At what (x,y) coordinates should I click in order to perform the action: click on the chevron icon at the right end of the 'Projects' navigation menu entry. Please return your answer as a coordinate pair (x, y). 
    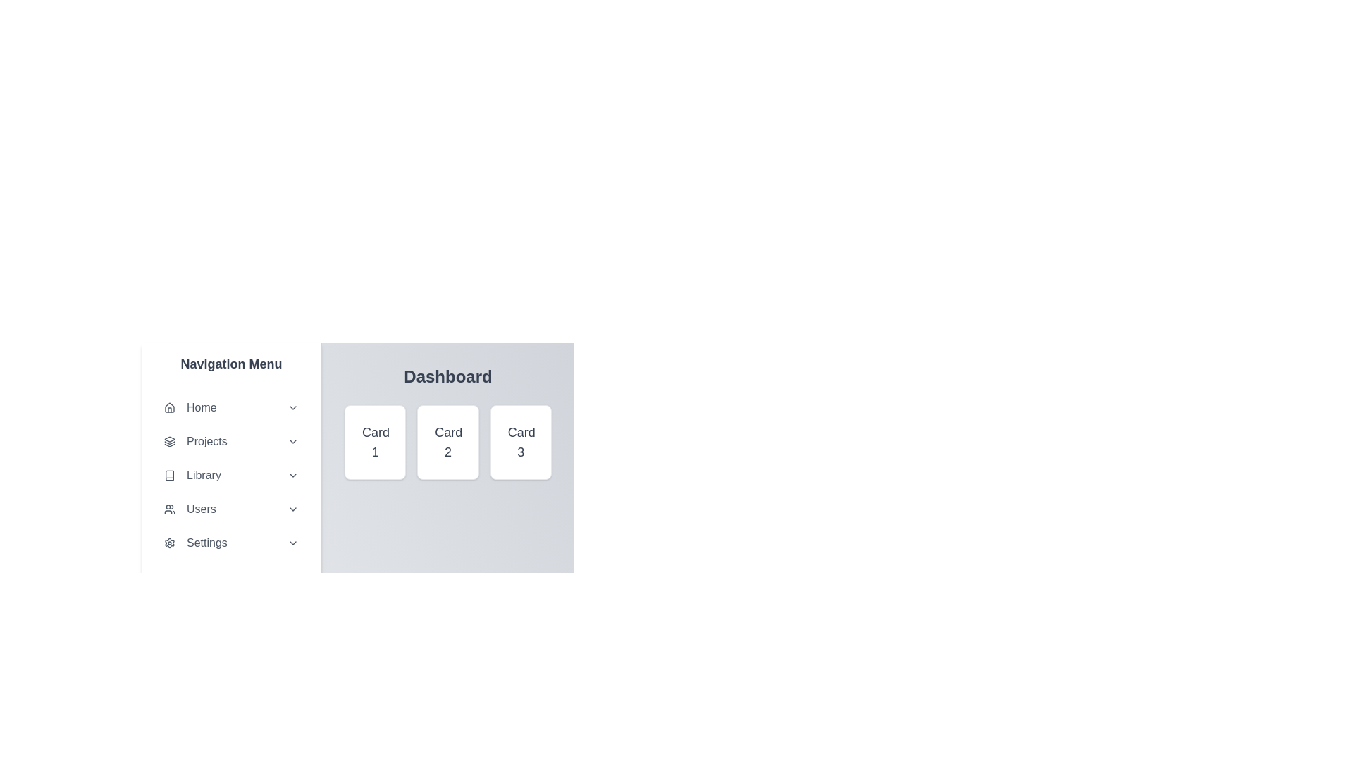
    Looking at the image, I should click on (292, 441).